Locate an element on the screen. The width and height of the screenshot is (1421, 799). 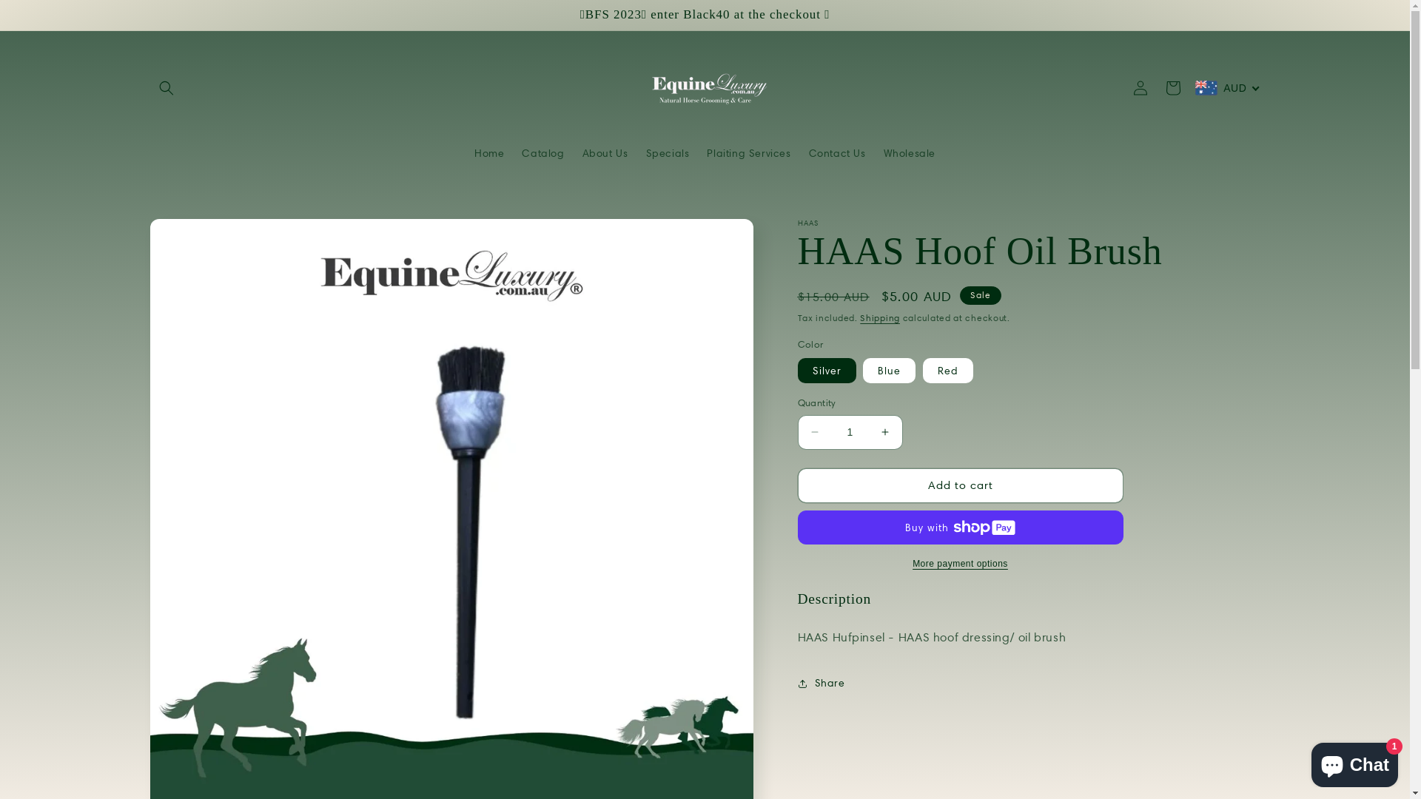
'Log in' is located at coordinates (1139, 88).